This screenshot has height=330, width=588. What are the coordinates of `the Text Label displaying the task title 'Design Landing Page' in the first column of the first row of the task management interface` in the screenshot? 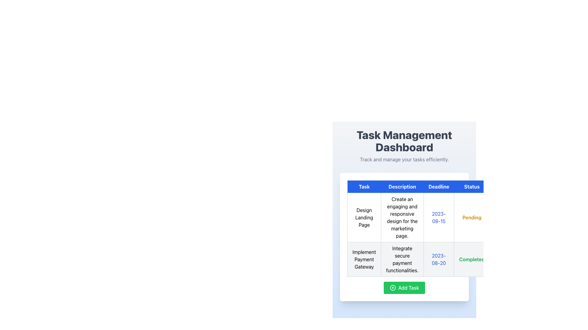 It's located at (364, 217).